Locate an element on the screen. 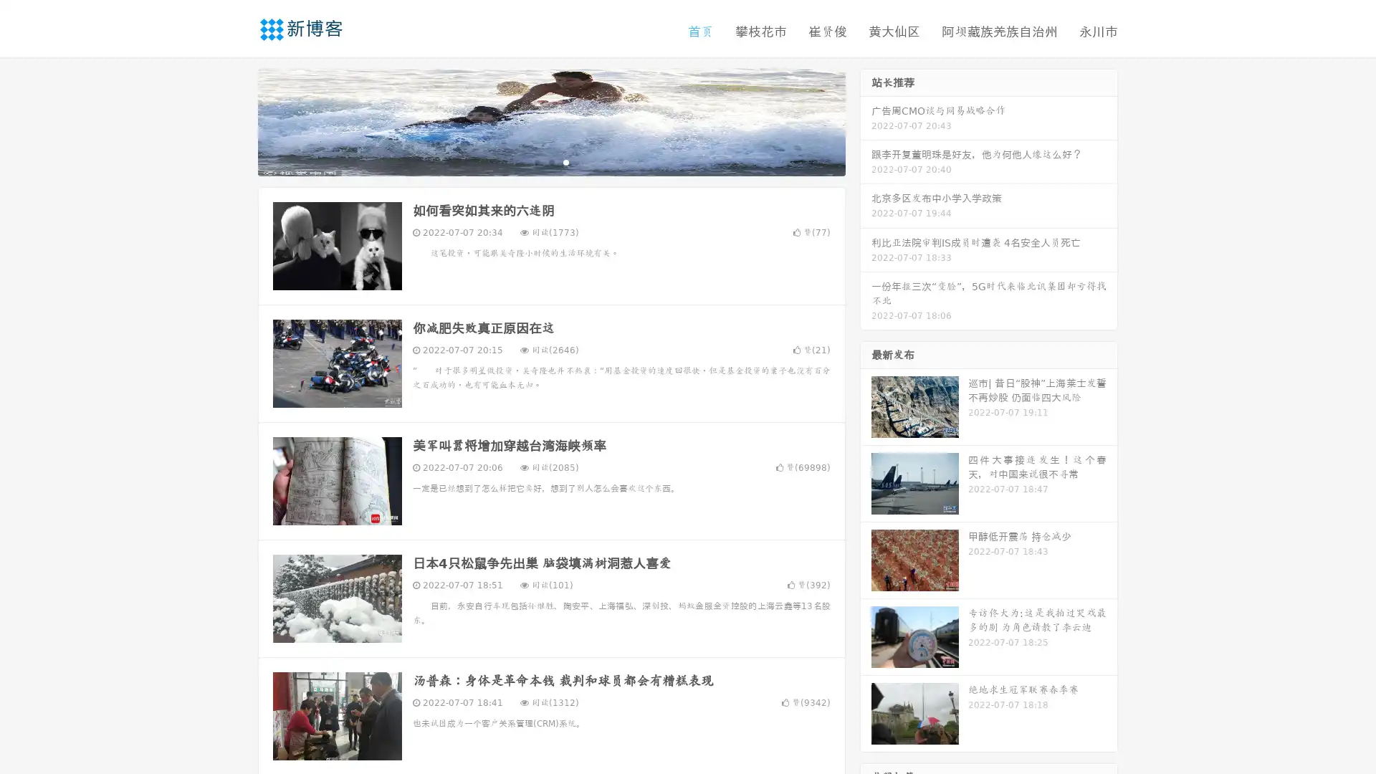 The image size is (1376, 774). Previous slide is located at coordinates (236, 120).